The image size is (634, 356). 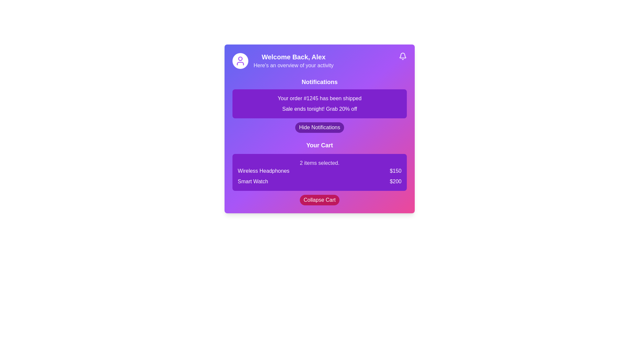 I want to click on text label informing the user about a limited-time sales offer, located in the second notification box under 'Notifications', positioned below 'Your order #1245 has been shipped', so click(x=320, y=109).